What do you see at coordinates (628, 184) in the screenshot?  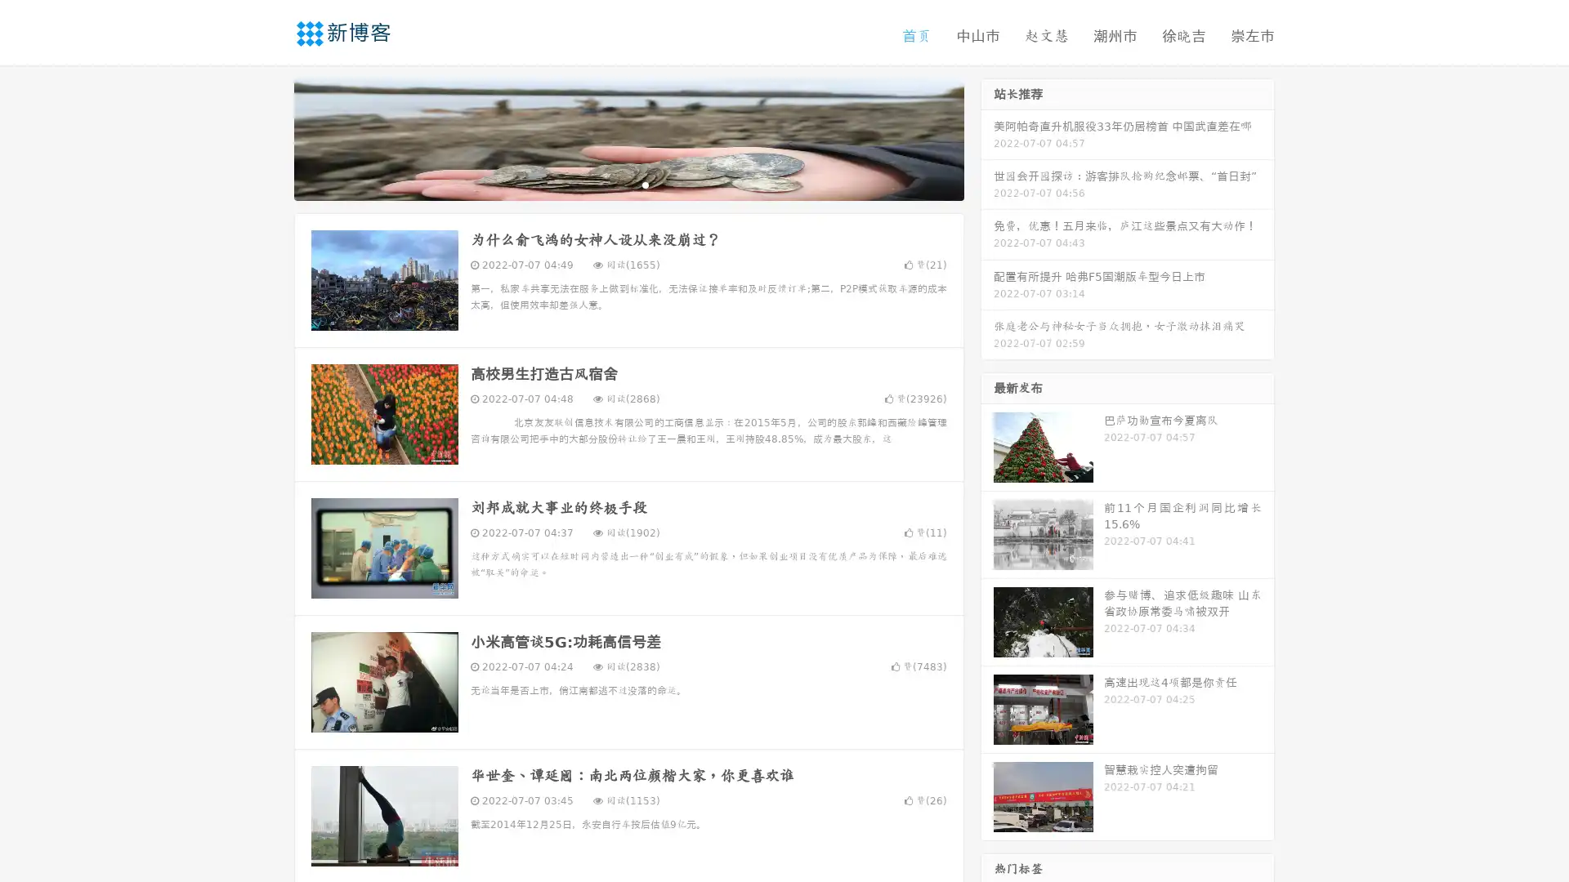 I see `Go to slide 2` at bounding box center [628, 184].